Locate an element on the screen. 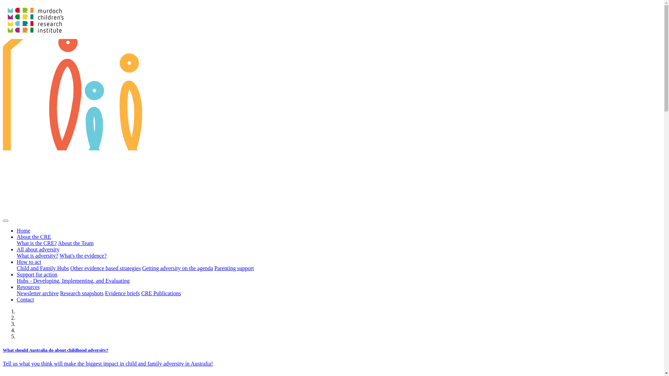 The height and width of the screenshot is (376, 669). 'What's the evidence?' is located at coordinates (83, 256).